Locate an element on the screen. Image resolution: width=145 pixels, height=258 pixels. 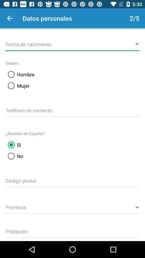
poblacin is located at coordinates (73, 230).